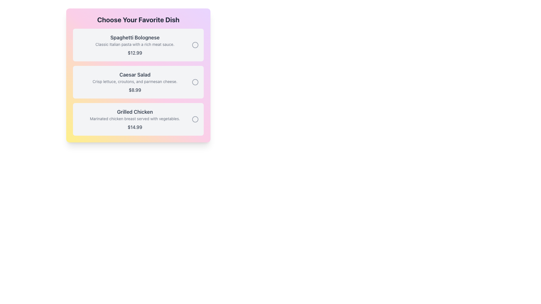 The image size is (541, 304). What do you see at coordinates (135, 90) in the screenshot?
I see `the text label displaying '$8.99' which is associated with the 'Caesar Salad' dish` at bounding box center [135, 90].